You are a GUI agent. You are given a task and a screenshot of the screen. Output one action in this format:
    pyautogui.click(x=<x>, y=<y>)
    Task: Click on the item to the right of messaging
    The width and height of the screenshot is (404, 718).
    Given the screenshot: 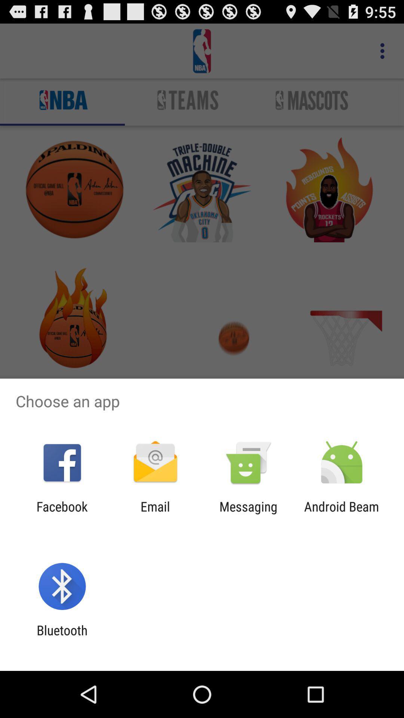 What is the action you would take?
    pyautogui.click(x=342, y=514)
    